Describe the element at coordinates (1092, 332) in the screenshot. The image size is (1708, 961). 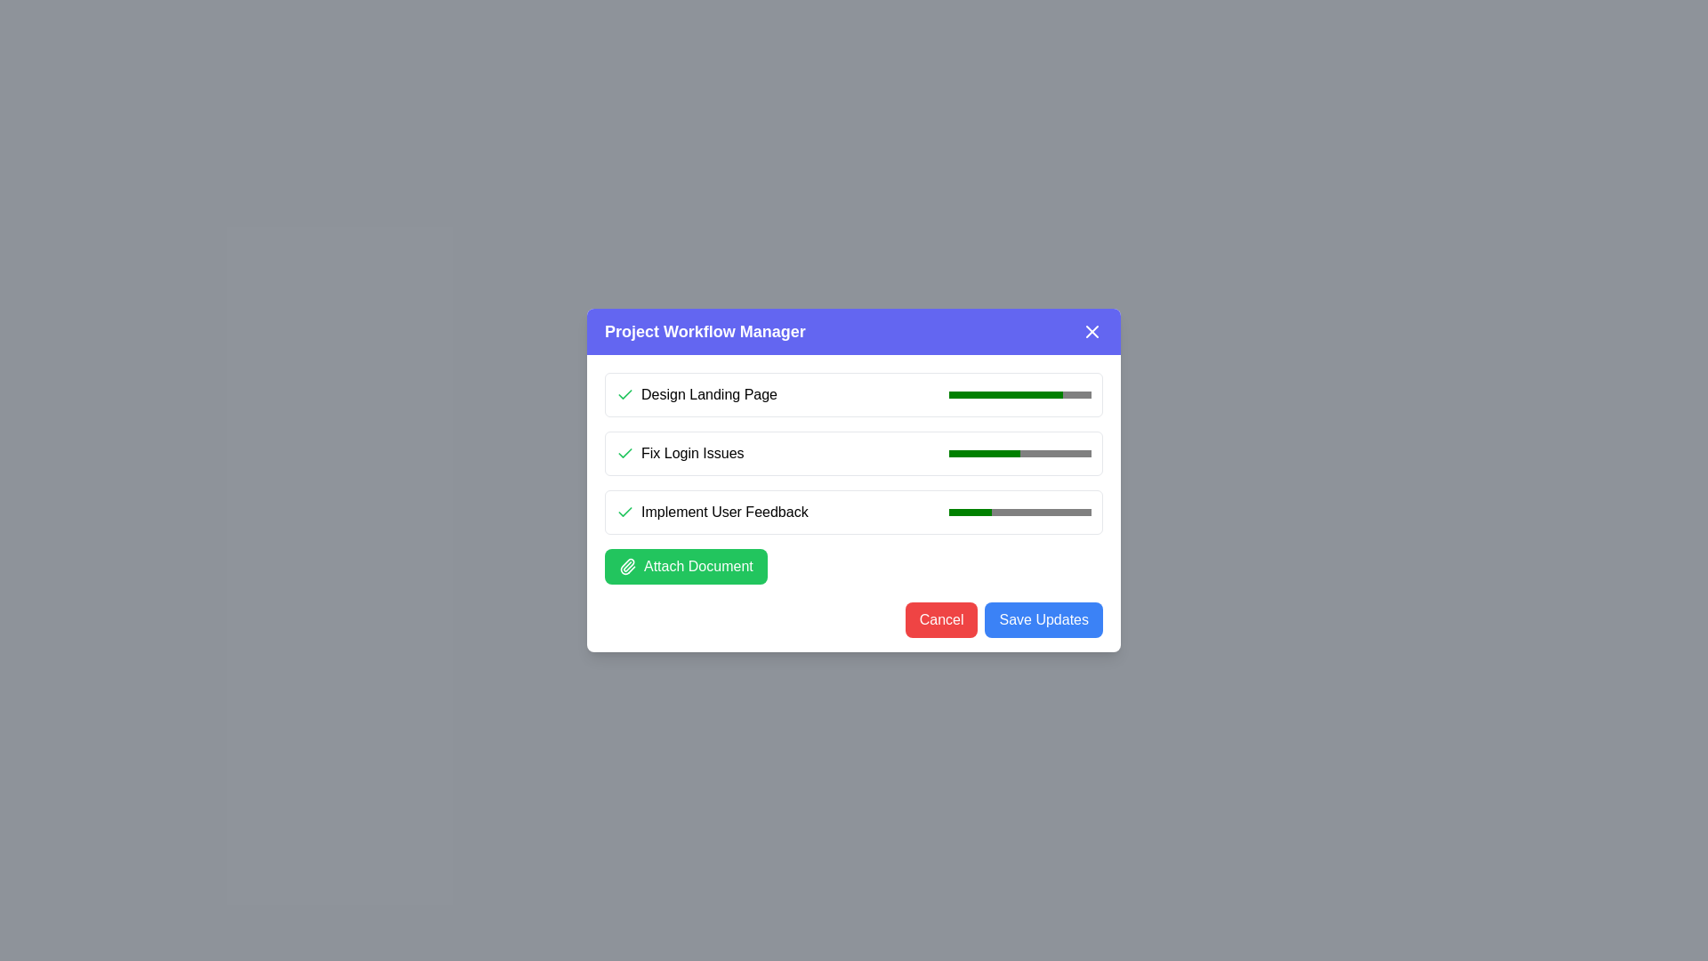
I see `the Close button in the top-right corner of the 'Project Workflow Manager' modal dialog` at that location.